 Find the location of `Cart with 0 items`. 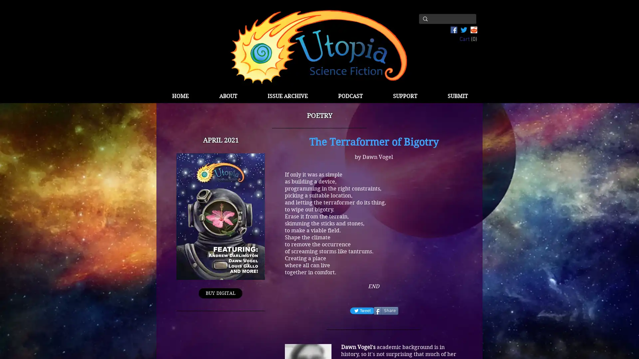

Cart with 0 items is located at coordinates (468, 39).